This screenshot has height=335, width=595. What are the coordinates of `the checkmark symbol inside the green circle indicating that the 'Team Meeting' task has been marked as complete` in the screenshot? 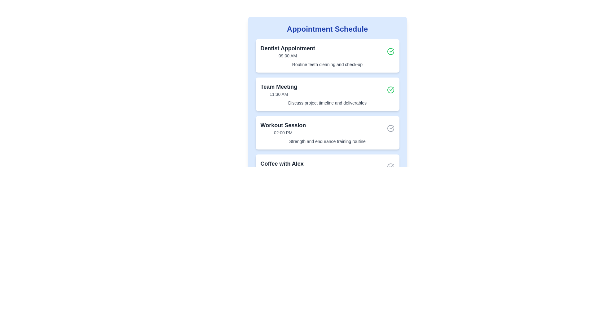 It's located at (391, 50).